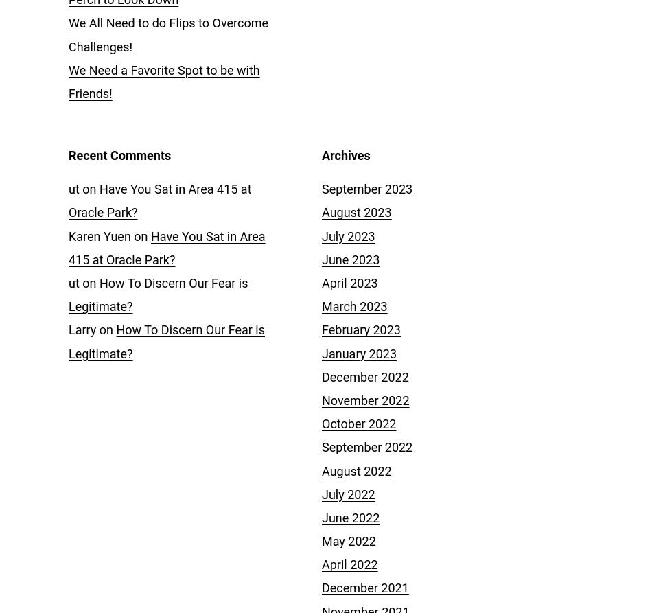 This screenshot has width=652, height=613. What do you see at coordinates (351, 259) in the screenshot?
I see `'June 2023'` at bounding box center [351, 259].